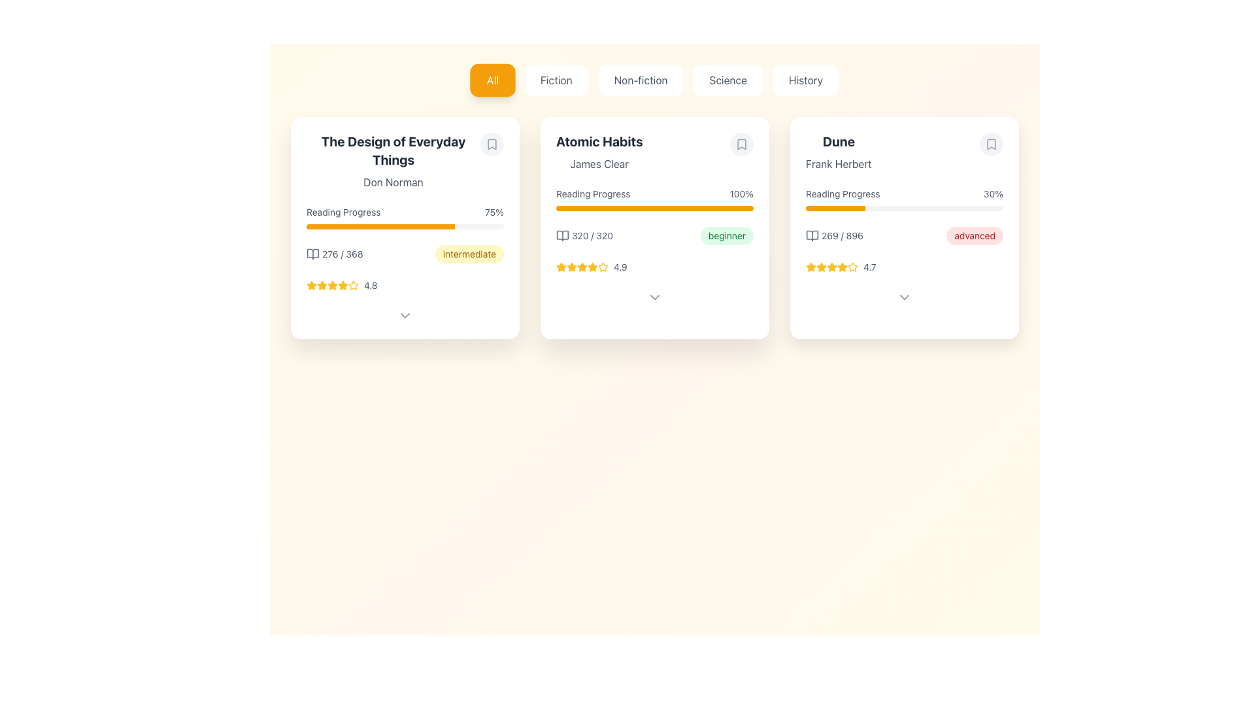  What do you see at coordinates (821, 266) in the screenshot?
I see `the second star in the gold-colored 5-star rating display below the 'Dune' title` at bounding box center [821, 266].